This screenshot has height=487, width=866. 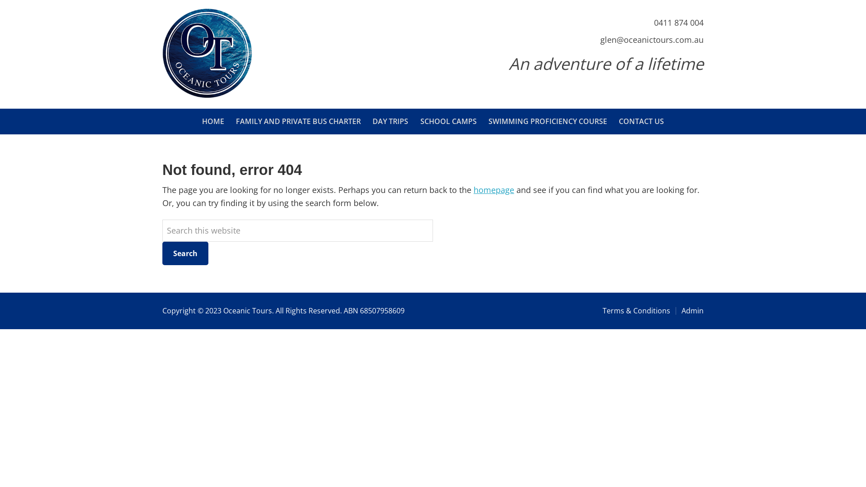 I want to click on 'Terms & Conditions', so click(x=602, y=310).